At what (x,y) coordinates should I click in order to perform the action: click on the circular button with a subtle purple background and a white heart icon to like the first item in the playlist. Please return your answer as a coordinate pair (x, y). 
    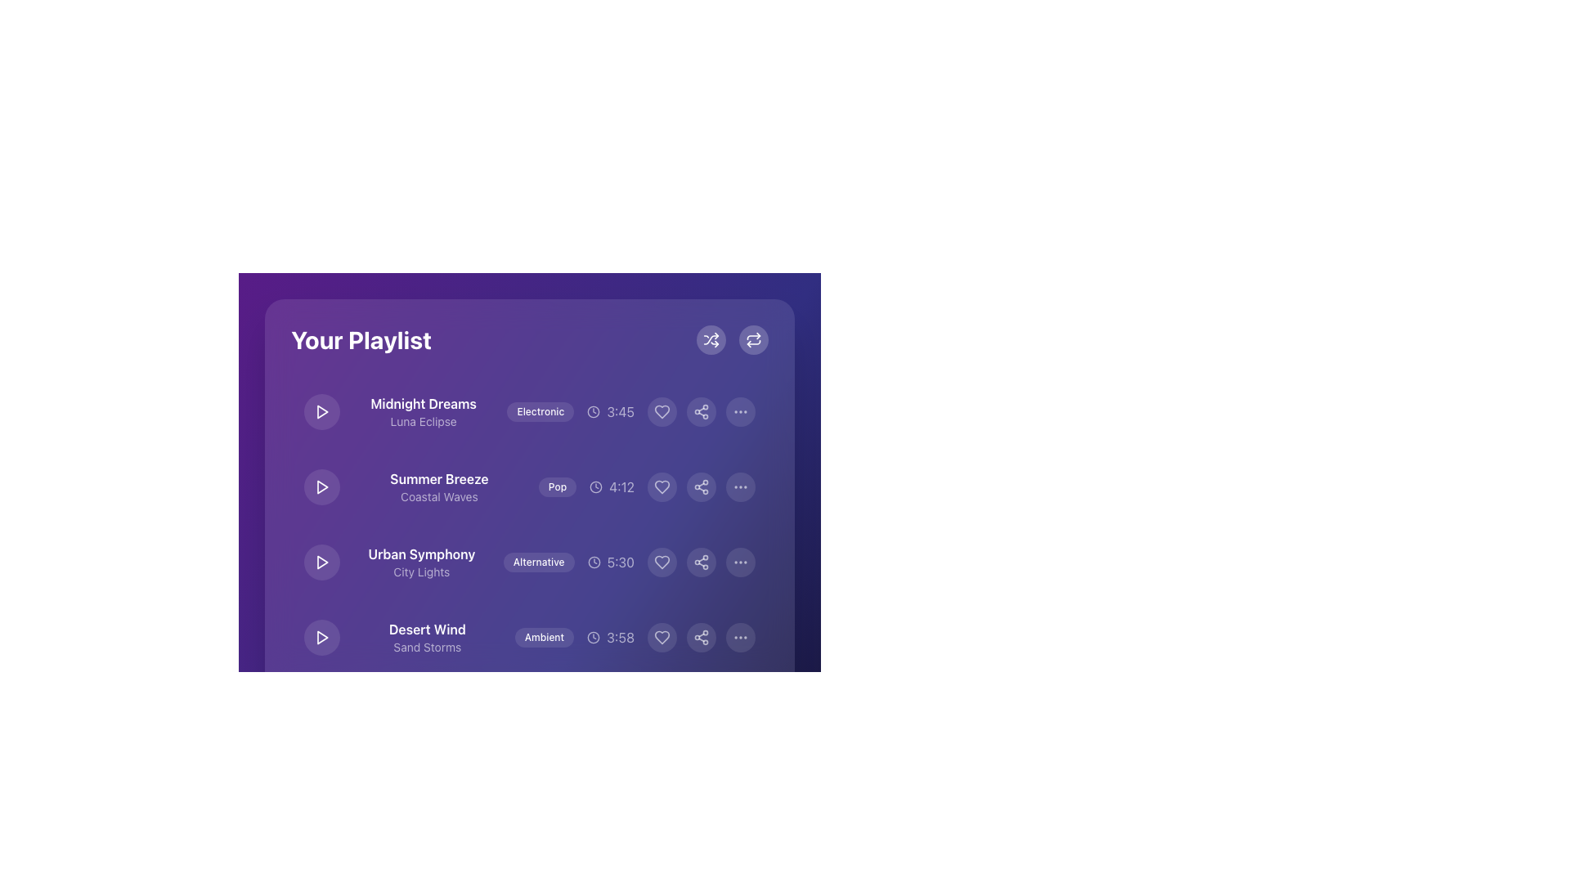
    Looking at the image, I should click on (662, 411).